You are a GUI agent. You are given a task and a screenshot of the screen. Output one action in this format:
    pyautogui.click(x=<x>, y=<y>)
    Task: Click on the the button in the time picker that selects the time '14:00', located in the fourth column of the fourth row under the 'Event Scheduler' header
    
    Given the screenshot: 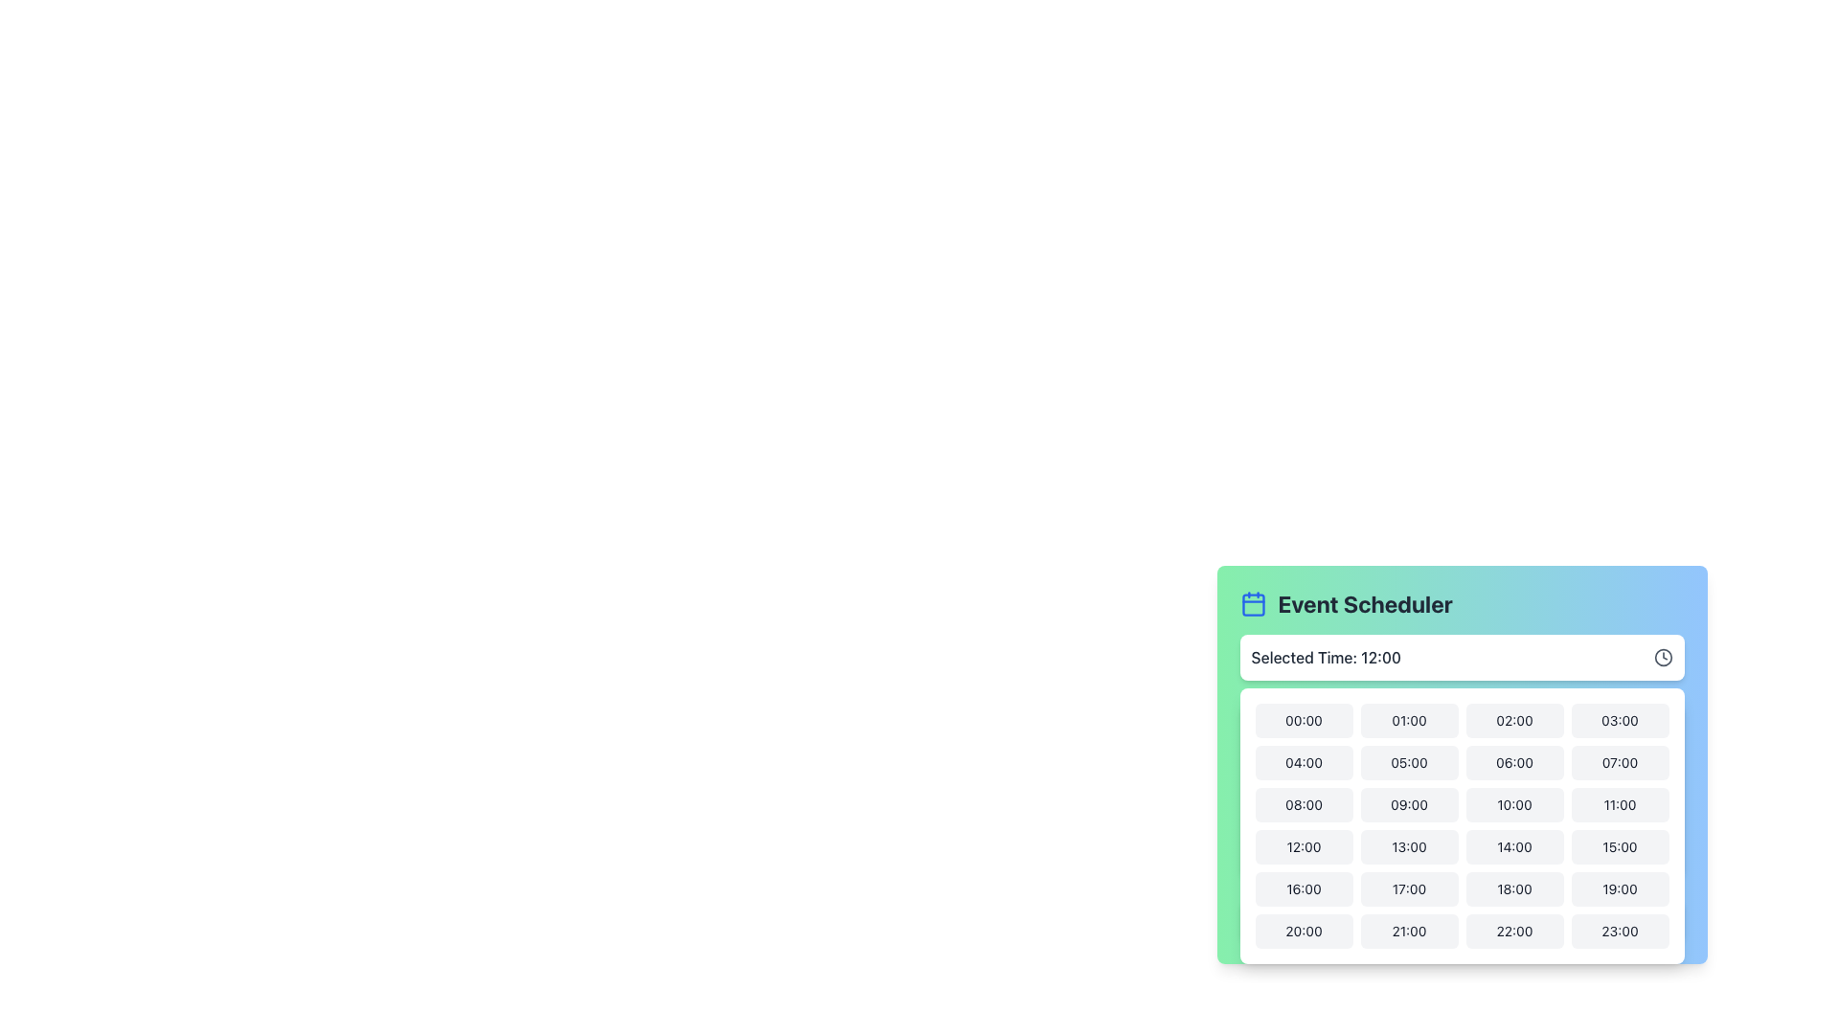 What is the action you would take?
    pyautogui.click(x=1513, y=845)
    